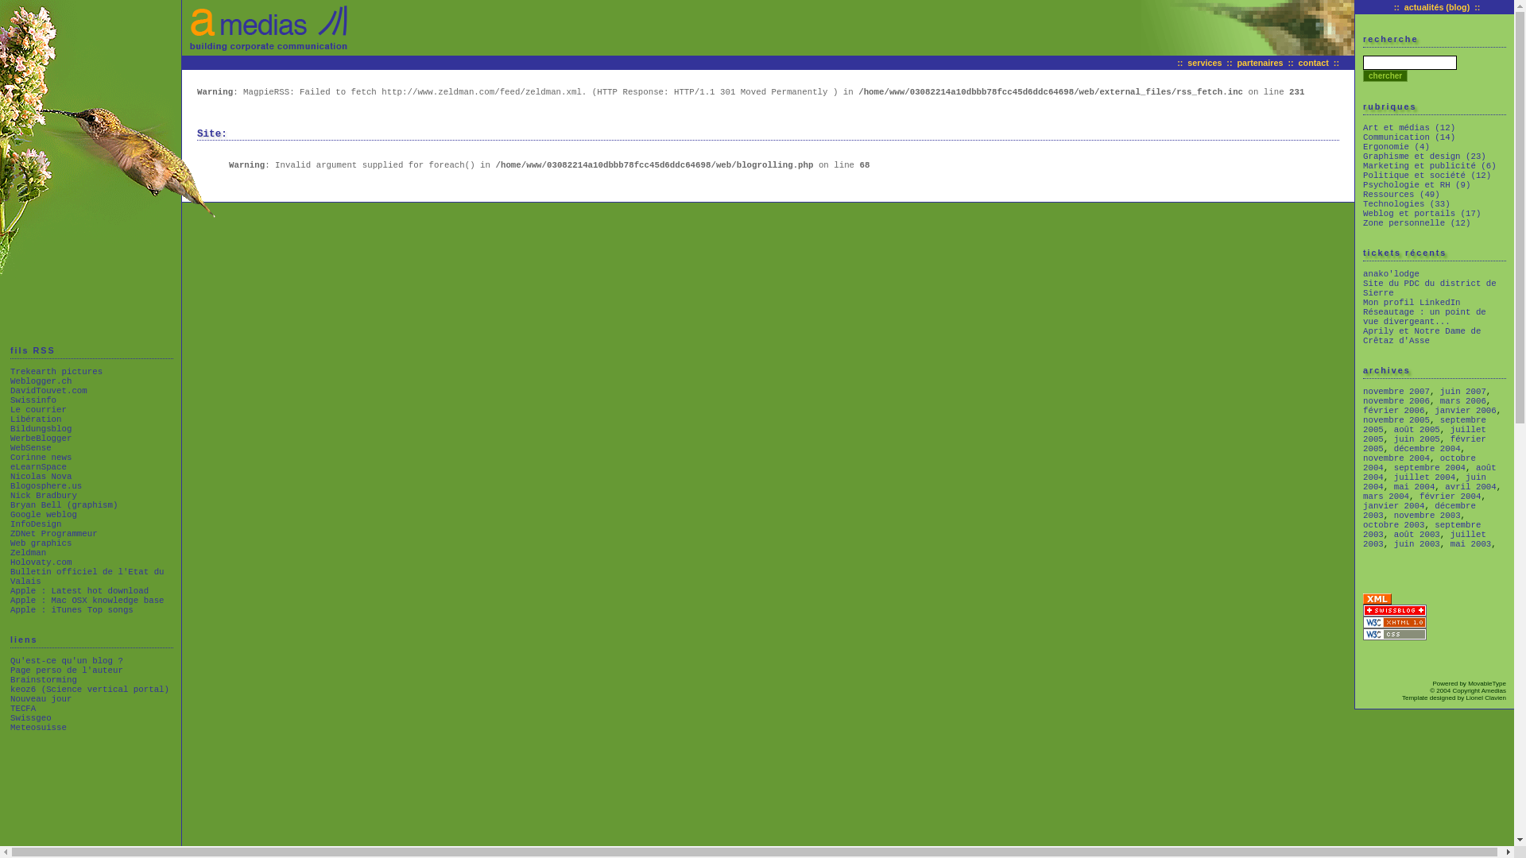 The image size is (1526, 858). Describe the element at coordinates (22, 707) in the screenshot. I see `'TECFA'` at that location.